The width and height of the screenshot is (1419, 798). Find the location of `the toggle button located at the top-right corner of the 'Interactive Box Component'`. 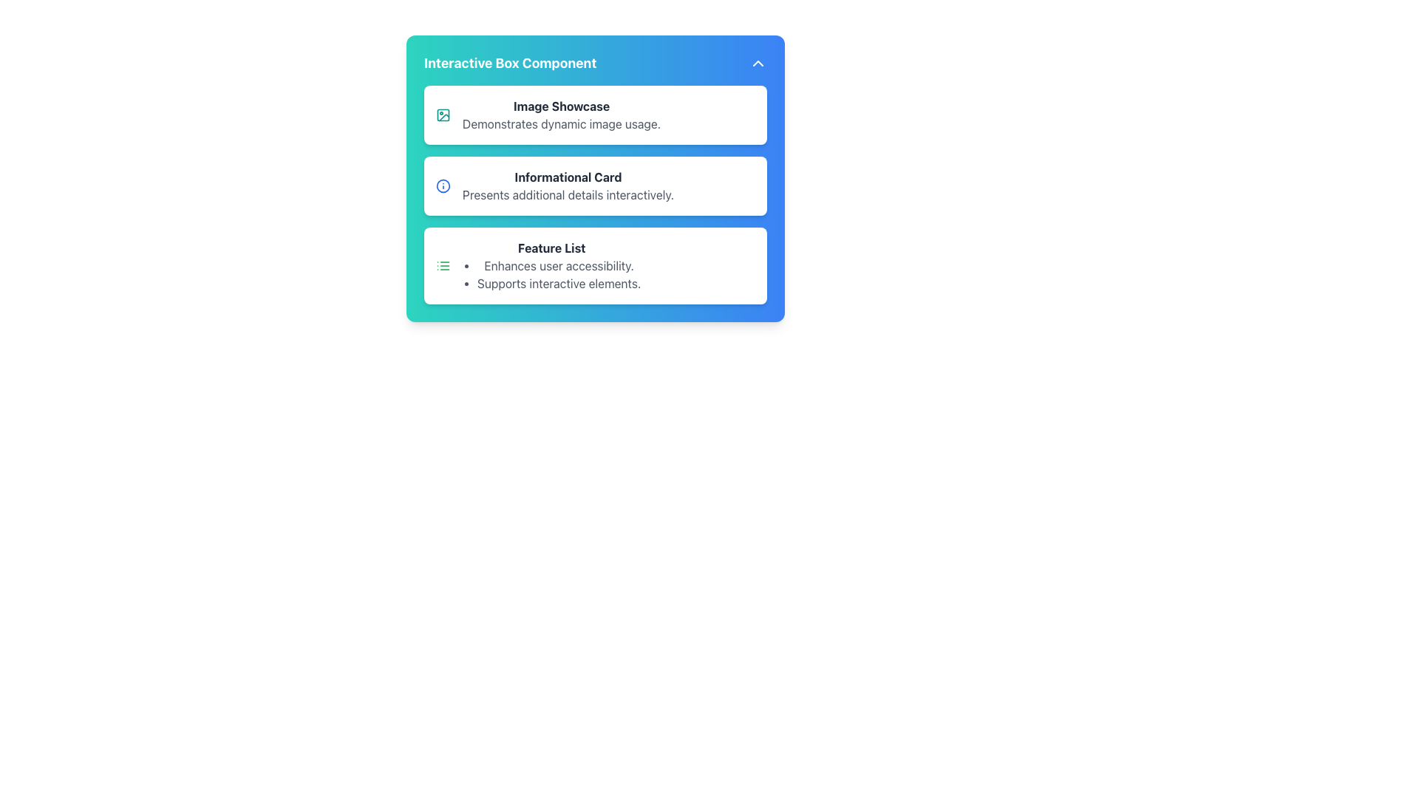

the toggle button located at the top-right corner of the 'Interactive Box Component' is located at coordinates (758, 62).